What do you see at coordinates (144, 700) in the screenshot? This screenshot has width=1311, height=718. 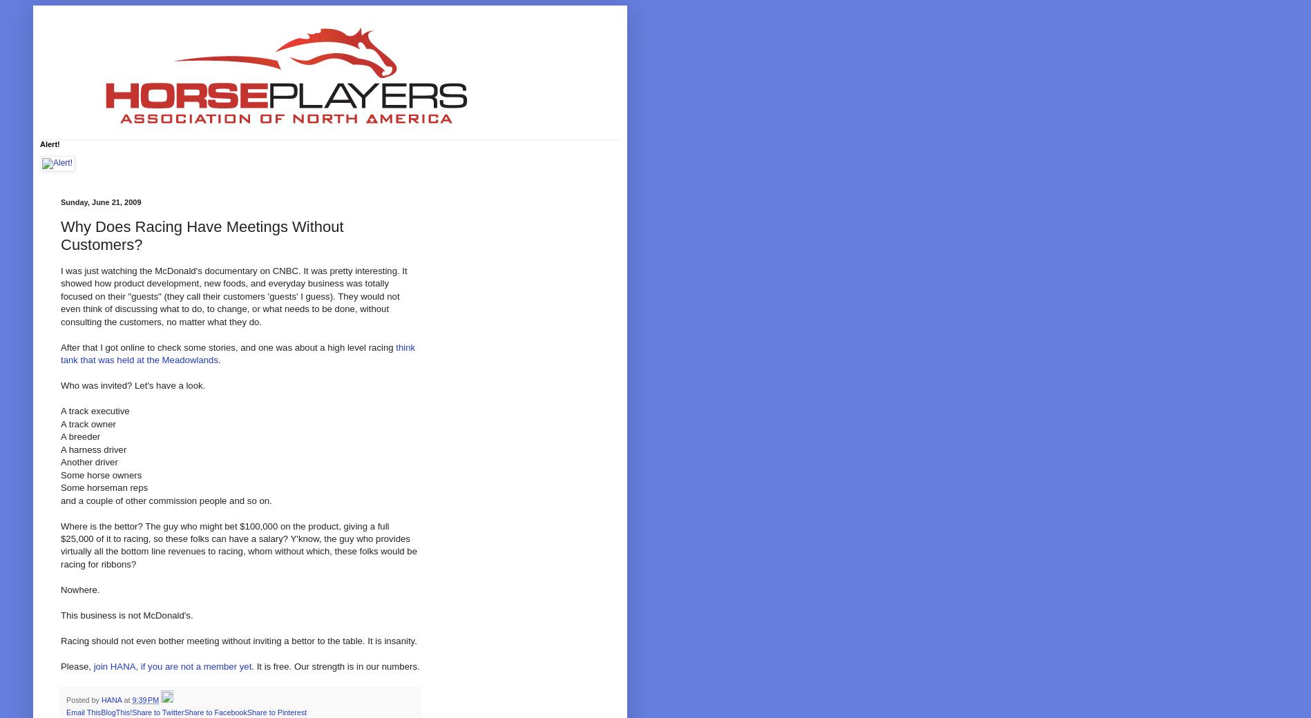 I see `'9:39 PM'` at bounding box center [144, 700].